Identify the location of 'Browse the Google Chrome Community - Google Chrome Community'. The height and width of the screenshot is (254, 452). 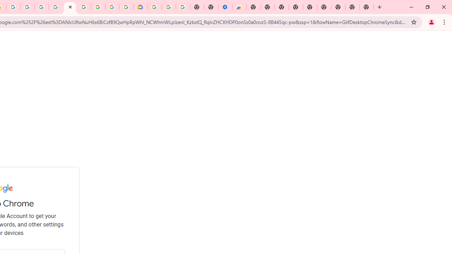
(126, 7).